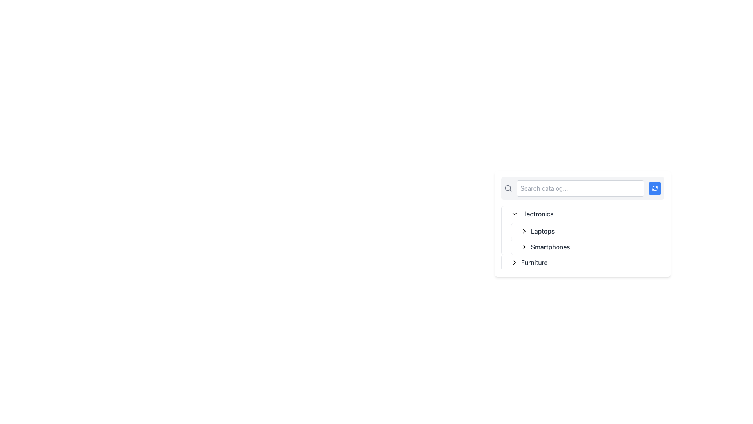  Describe the element at coordinates (542, 231) in the screenshot. I see `text of the 'Laptops' label located in the sub-option list of the 'Electronics' dropdown menu in the left navigation panel, positioned below 'Electronics' and above 'Smartphones'` at that location.